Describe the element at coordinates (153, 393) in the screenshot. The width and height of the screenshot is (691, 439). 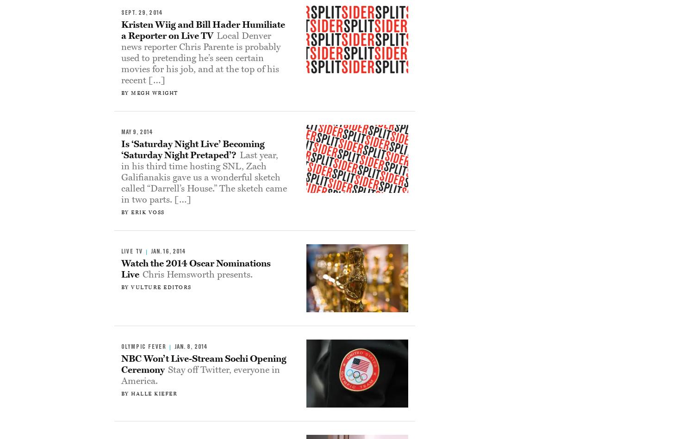
I see `'Halle Kiefer'` at that location.